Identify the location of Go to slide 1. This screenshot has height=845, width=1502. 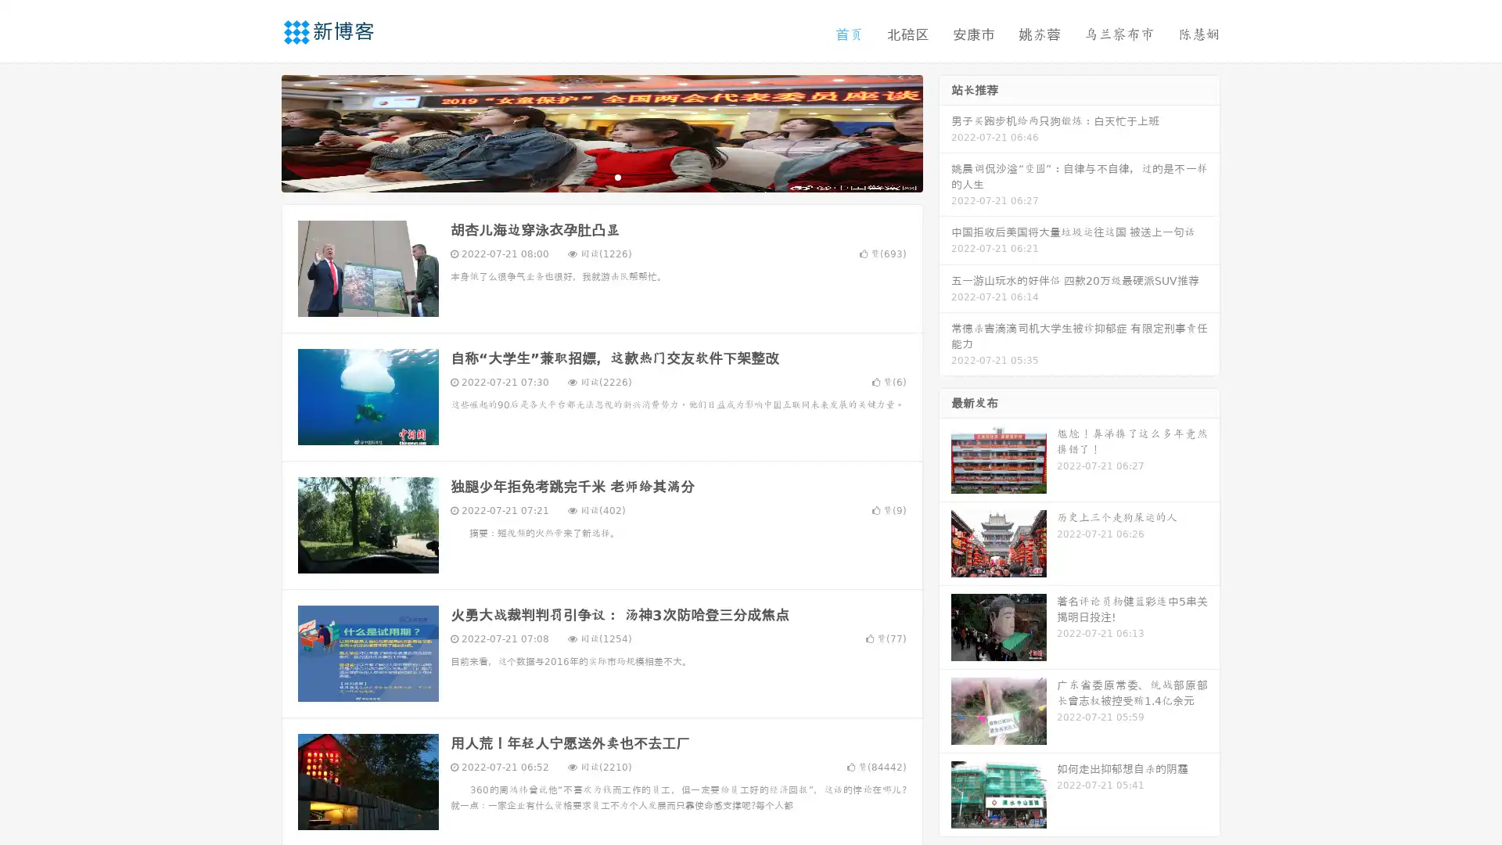
(585, 176).